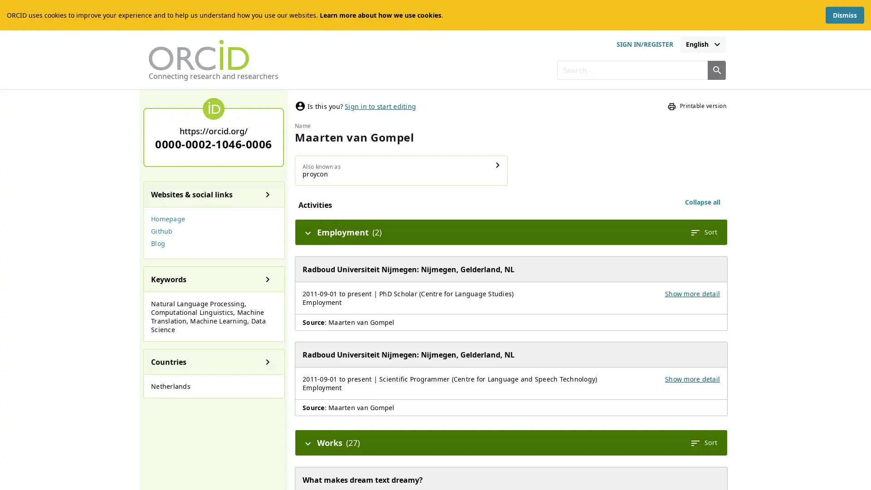  I want to click on Show details, so click(498, 165).